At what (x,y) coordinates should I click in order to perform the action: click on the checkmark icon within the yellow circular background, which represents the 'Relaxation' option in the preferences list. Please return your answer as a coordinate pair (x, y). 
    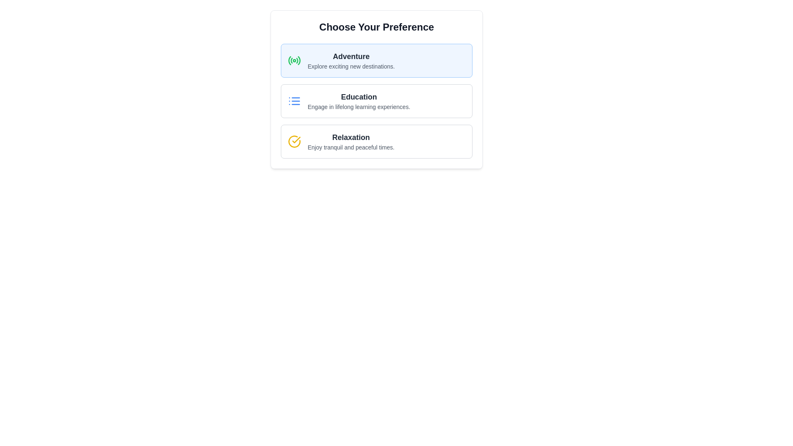
    Looking at the image, I should click on (296, 140).